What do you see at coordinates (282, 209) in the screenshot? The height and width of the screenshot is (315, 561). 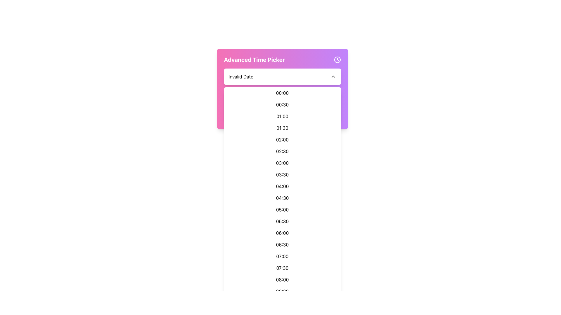 I see `the selectable list item displaying '05:00' in the dropdown menu of the 'Advanced Time Picker' interface` at bounding box center [282, 209].